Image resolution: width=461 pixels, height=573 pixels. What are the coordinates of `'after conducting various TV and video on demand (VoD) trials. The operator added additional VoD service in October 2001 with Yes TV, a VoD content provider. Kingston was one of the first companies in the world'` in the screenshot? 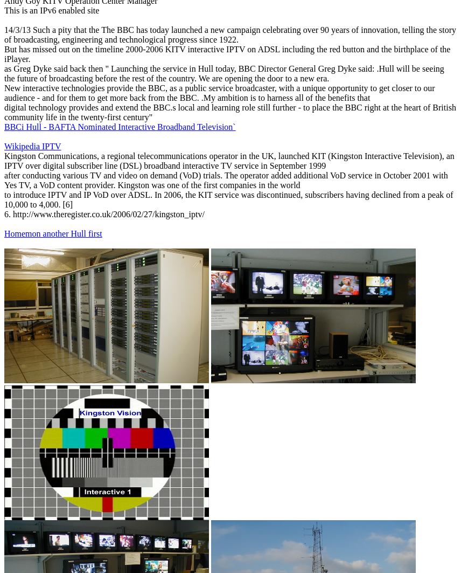 It's located at (4, 180).